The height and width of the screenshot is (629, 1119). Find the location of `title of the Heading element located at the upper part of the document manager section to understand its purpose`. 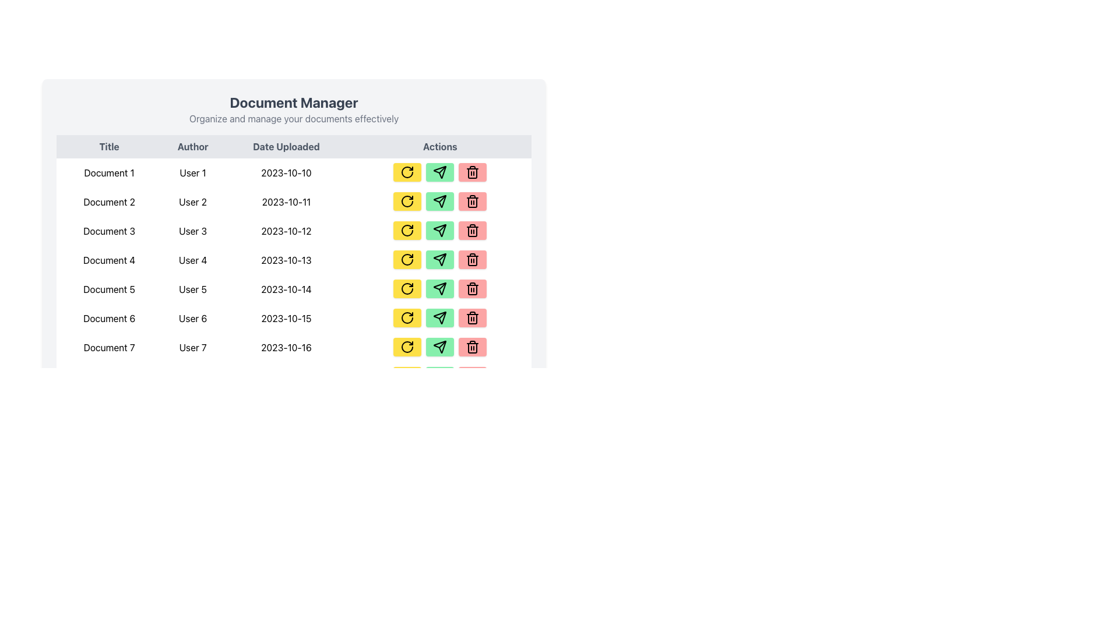

title of the Heading element located at the upper part of the document manager section to understand its purpose is located at coordinates (294, 109).